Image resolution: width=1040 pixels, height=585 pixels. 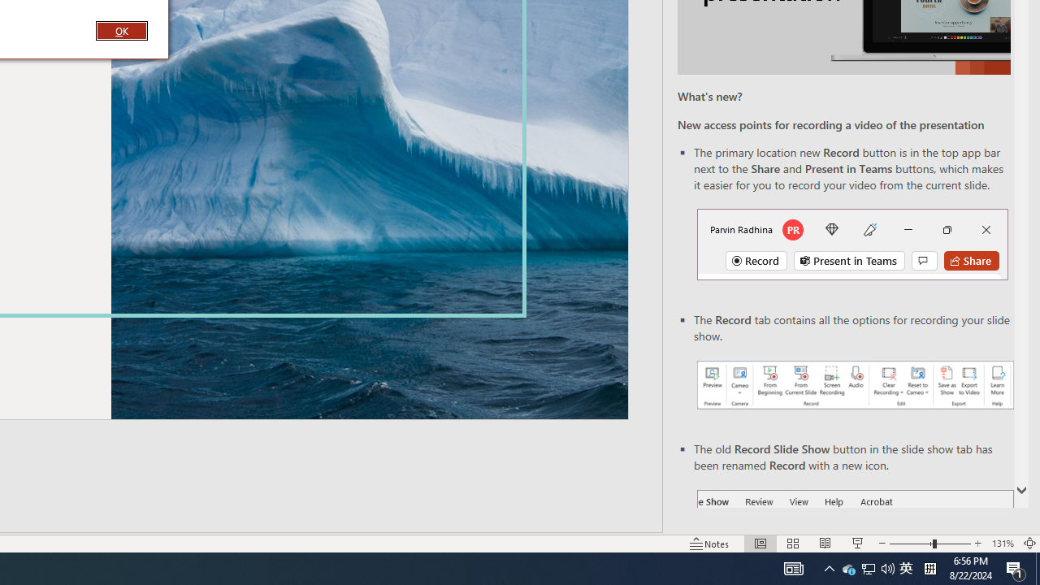 I want to click on 'Reading View', so click(x=825, y=544).